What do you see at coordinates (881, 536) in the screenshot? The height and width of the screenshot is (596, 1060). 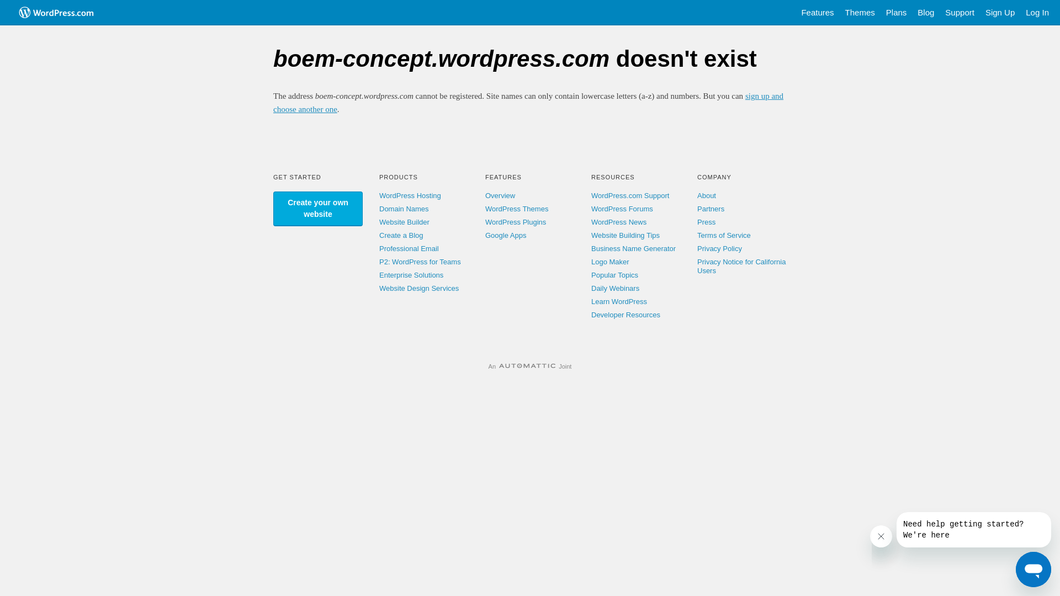 I see `'Close message'` at bounding box center [881, 536].